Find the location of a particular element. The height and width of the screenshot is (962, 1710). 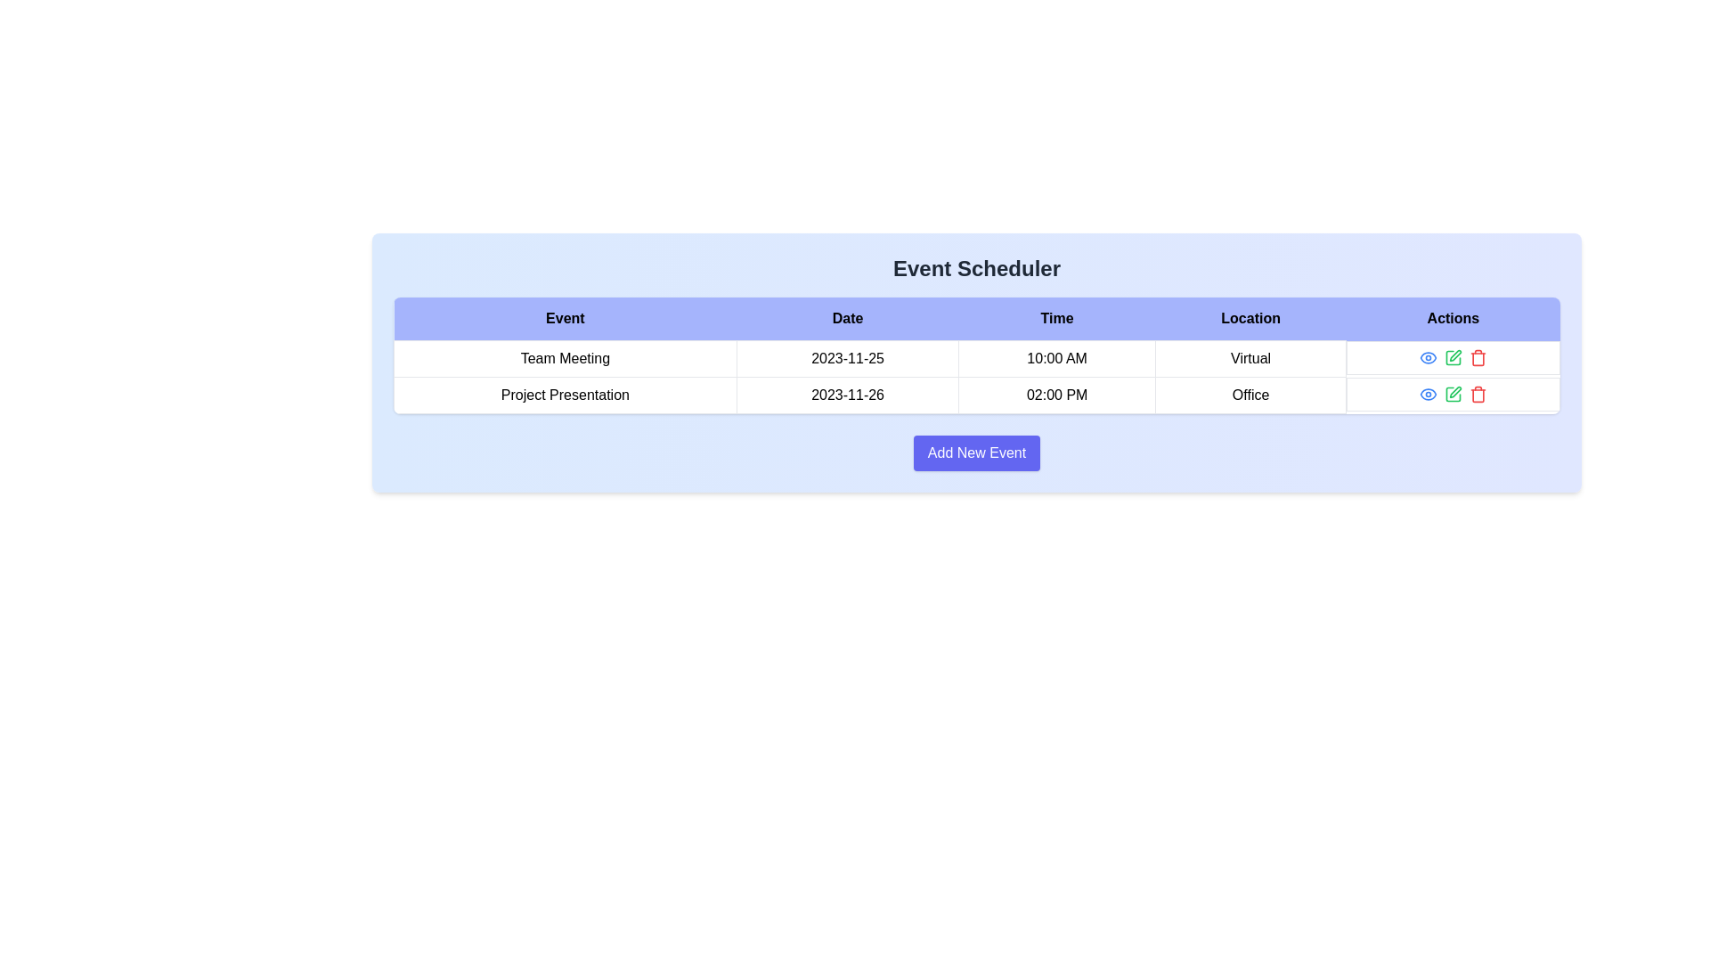

the edit icon button located in the last column of the second row of the 'Event Scheduler' table to initiate editing for the 'Project Presentation' entry is located at coordinates (1455, 355).